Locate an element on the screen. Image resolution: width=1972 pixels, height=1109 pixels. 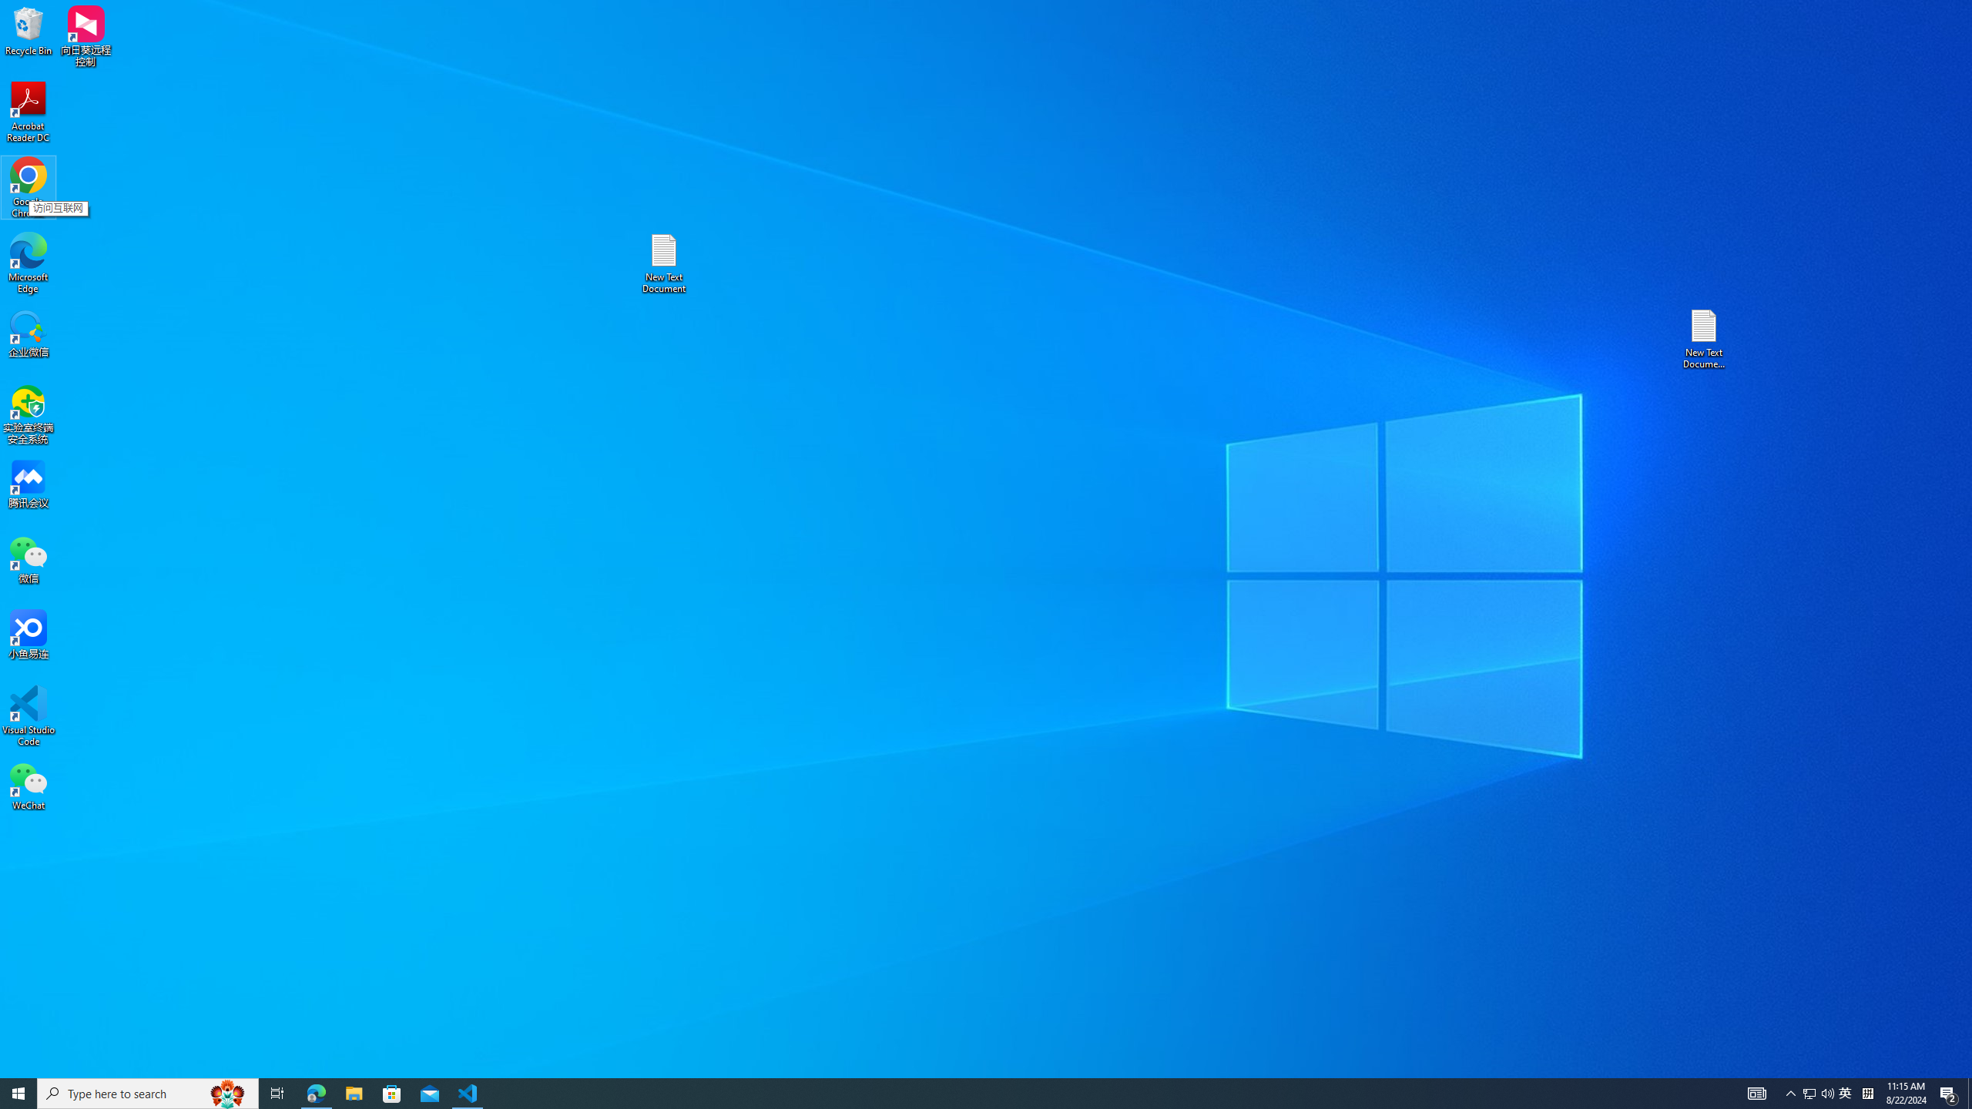
'Tray Input Indicator - Chinese (Simplified, China)' is located at coordinates (1867, 1092).